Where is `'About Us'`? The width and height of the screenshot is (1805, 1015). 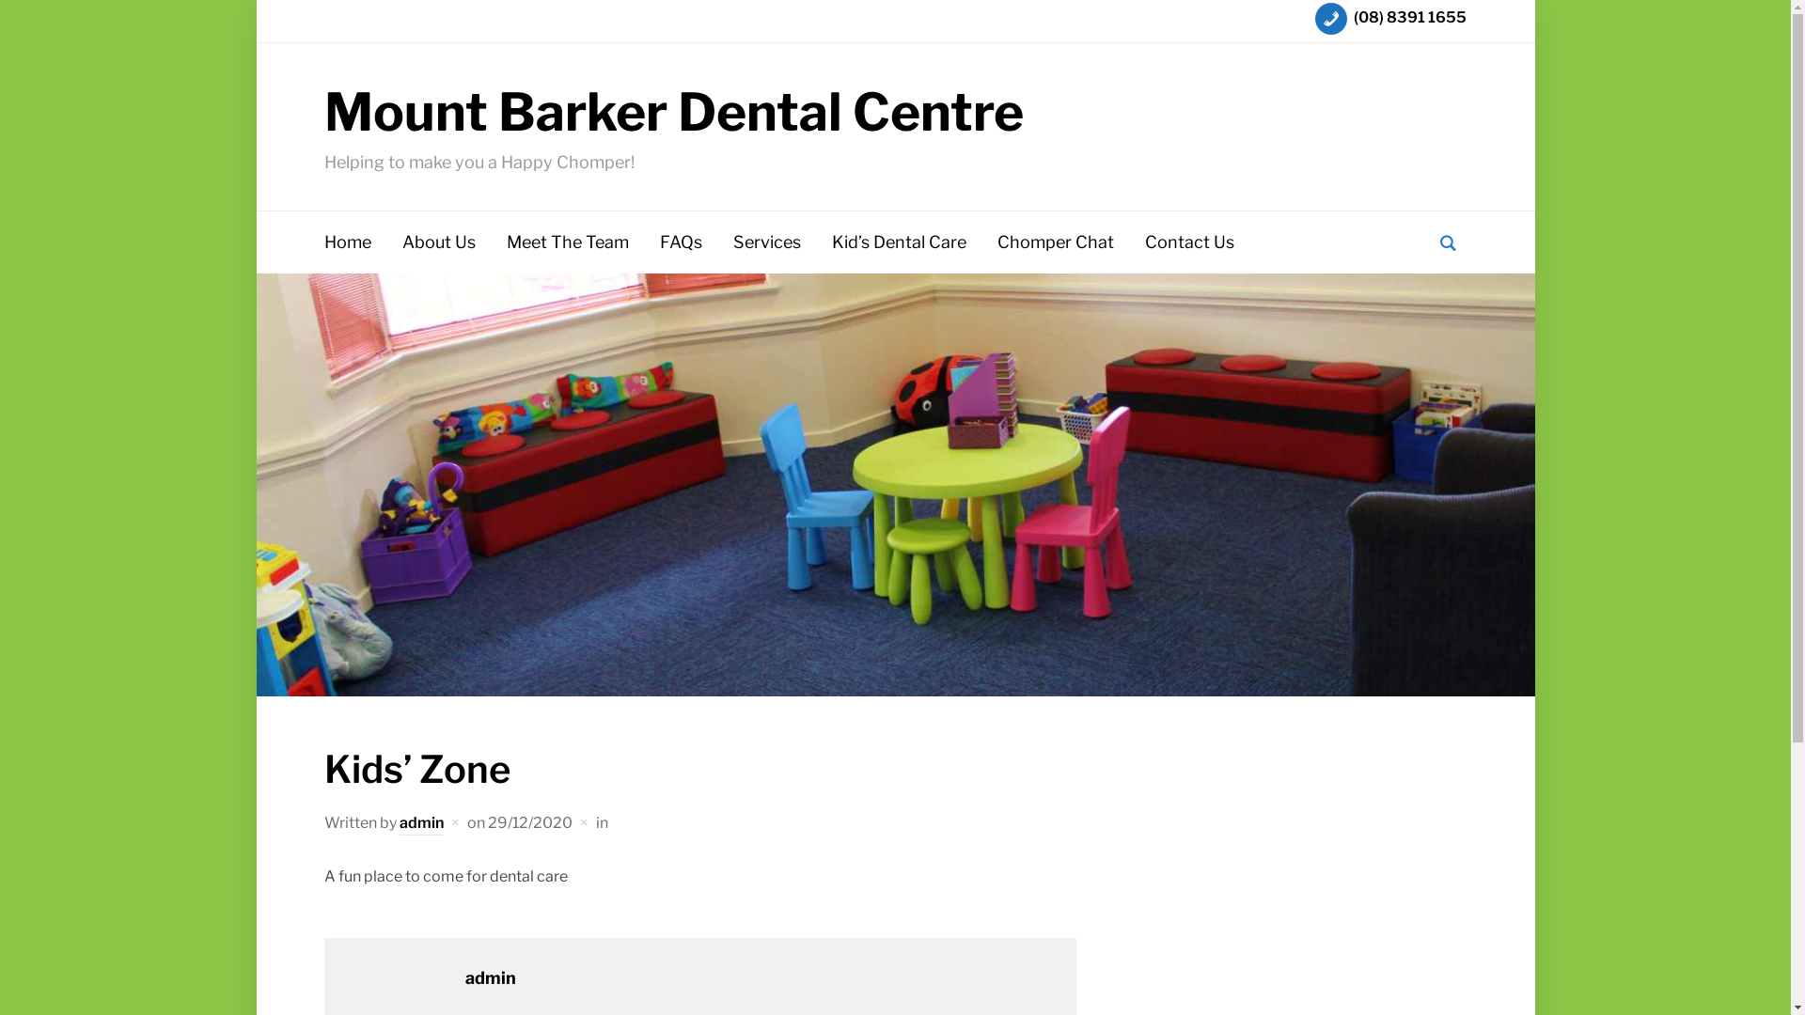
'About Us' is located at coordinates (437, 242).